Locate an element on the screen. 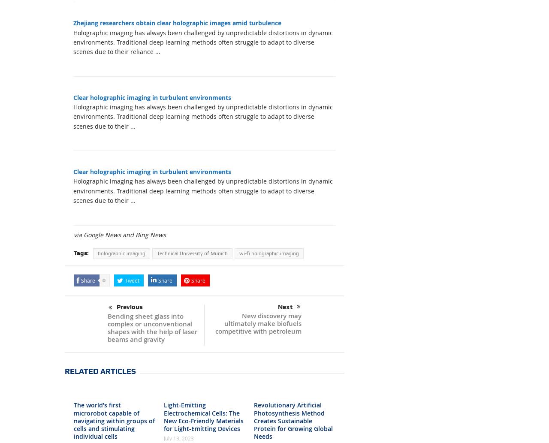  'XING' is located at coordinates (241, 254).